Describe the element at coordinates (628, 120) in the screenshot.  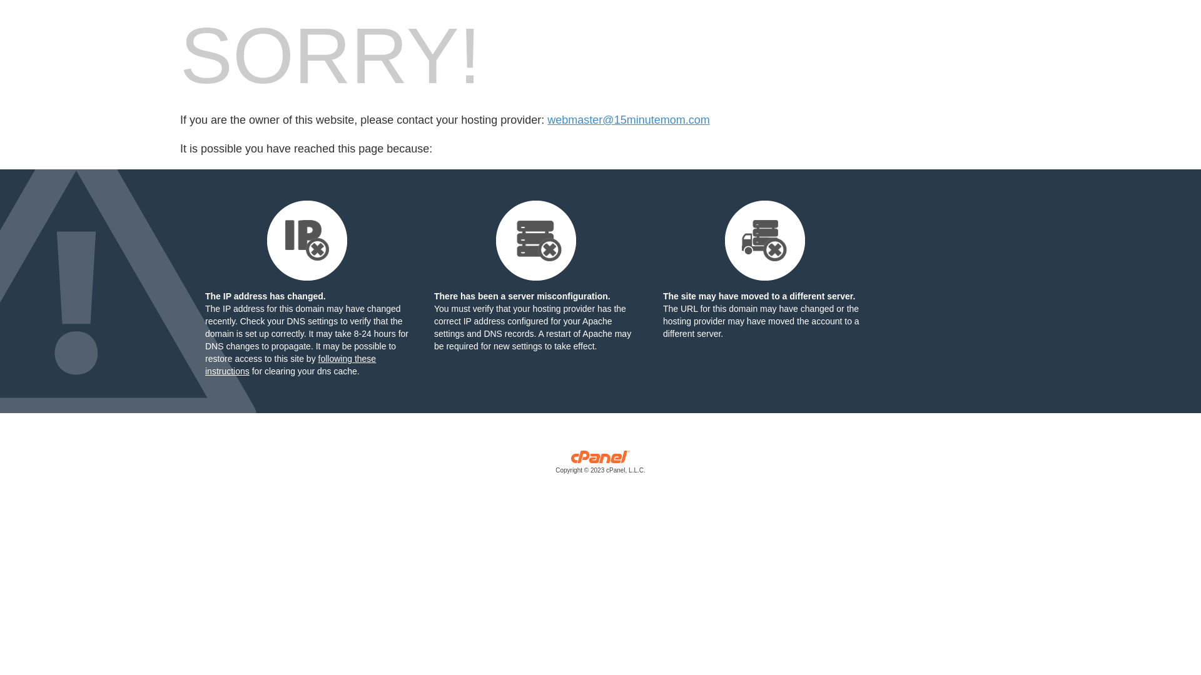
I see `'webmaster@15minutemom.com'` at that location.